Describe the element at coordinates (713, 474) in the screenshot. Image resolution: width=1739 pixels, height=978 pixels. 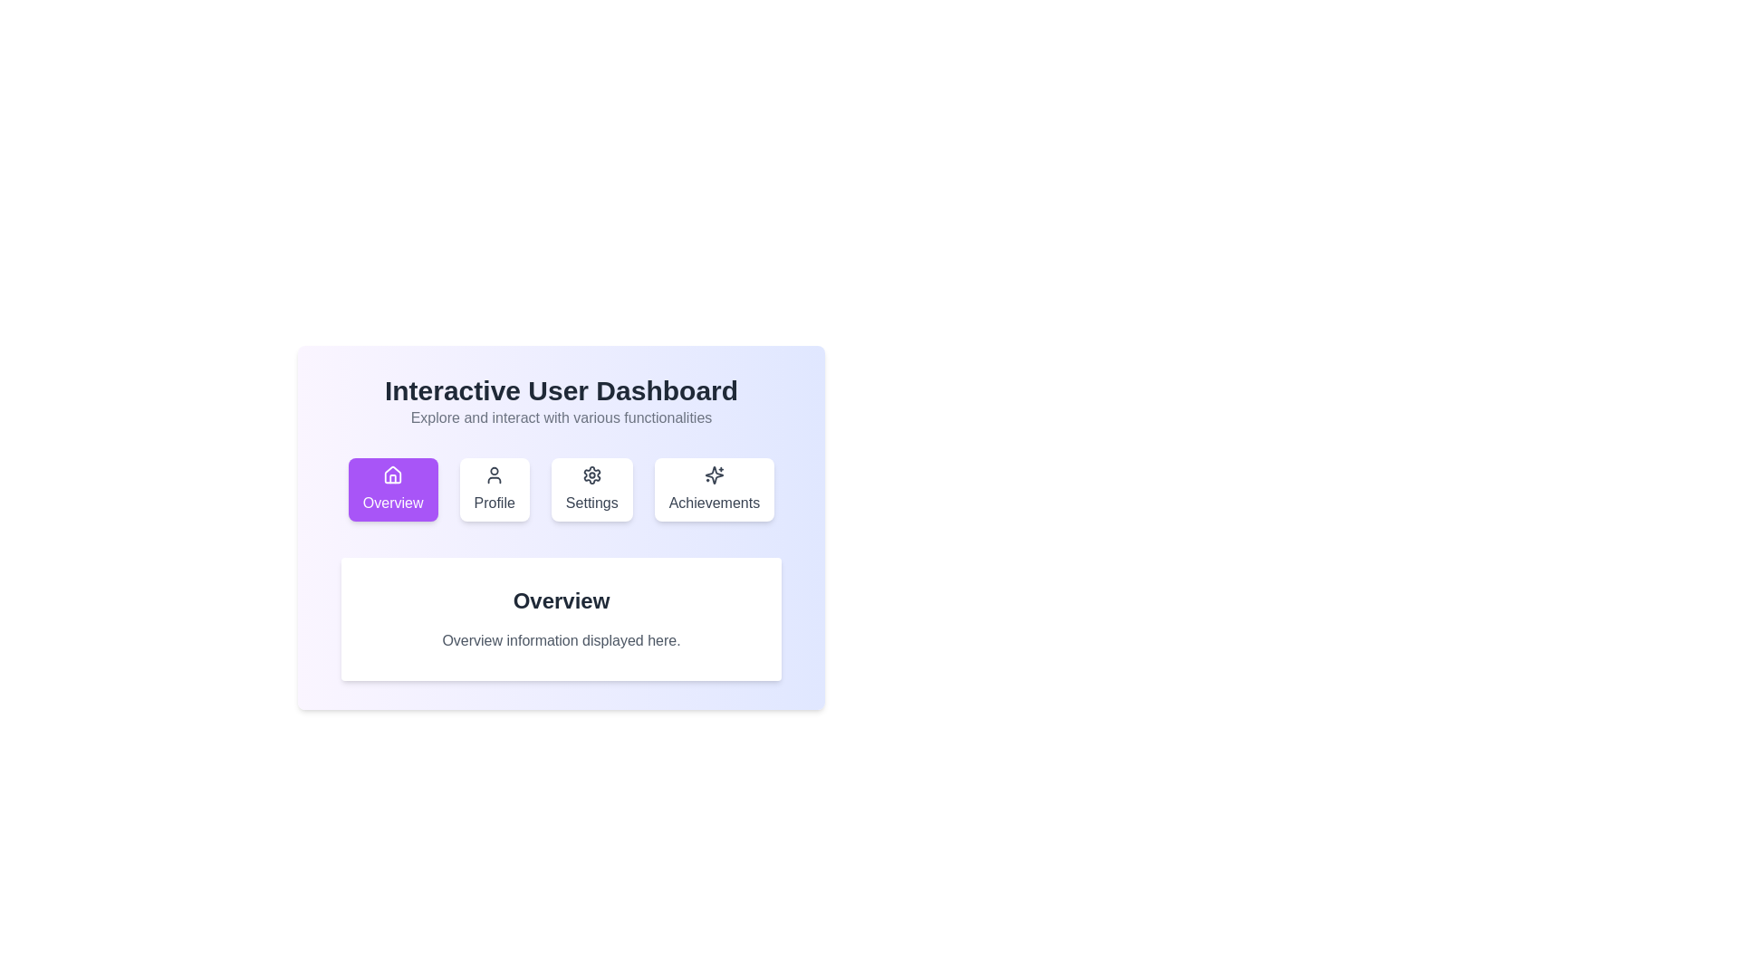
I see `the star-shaped icon located in the 'Achievements' button area` at that location.